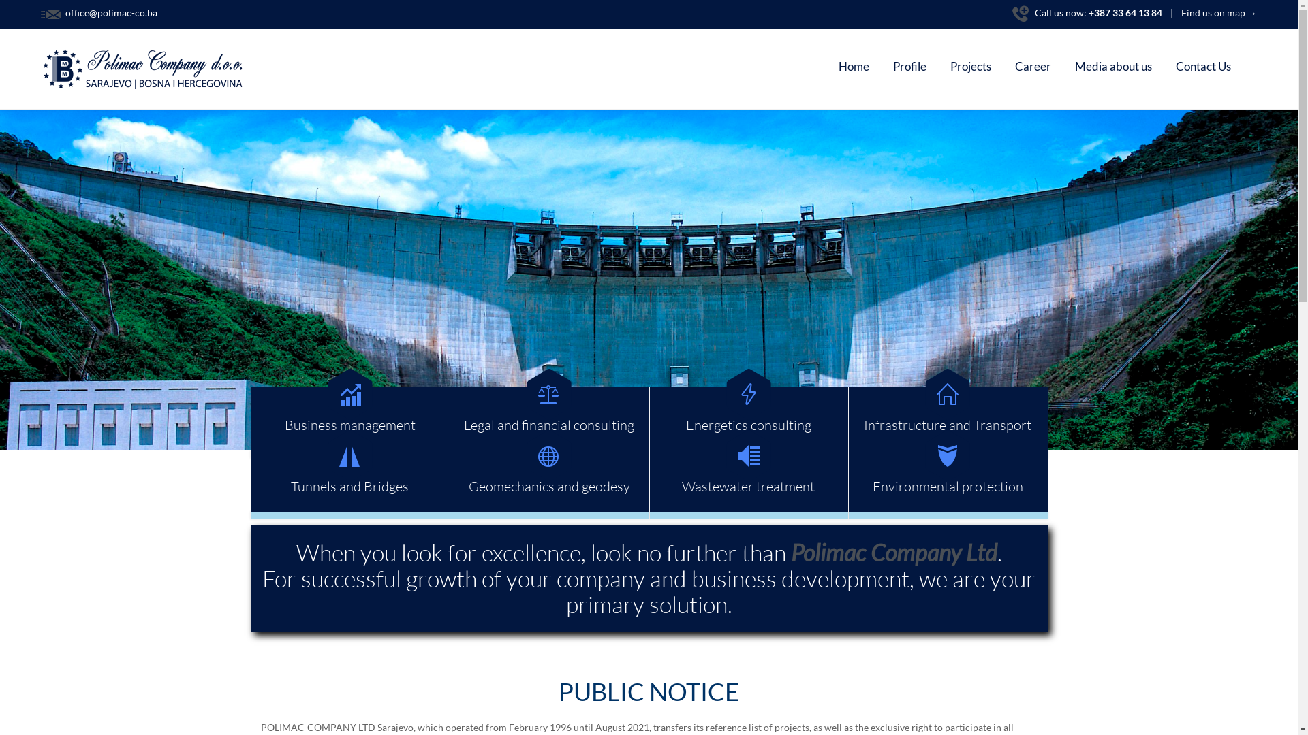  What do you see at coordinates (837, 66) in the screenshot?
I see `'Home'` at bounding box center [837, 66].